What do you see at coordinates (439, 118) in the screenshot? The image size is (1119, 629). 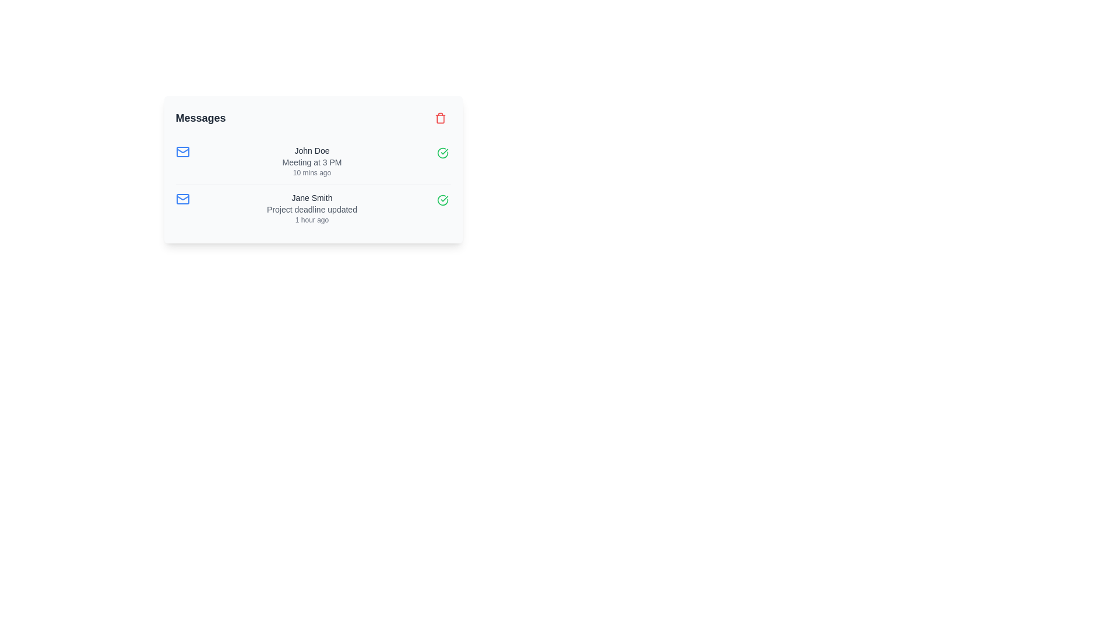 I see `the delete button located in the top-right corner of the 'Messages' panel` at bounding box center [439, 118].